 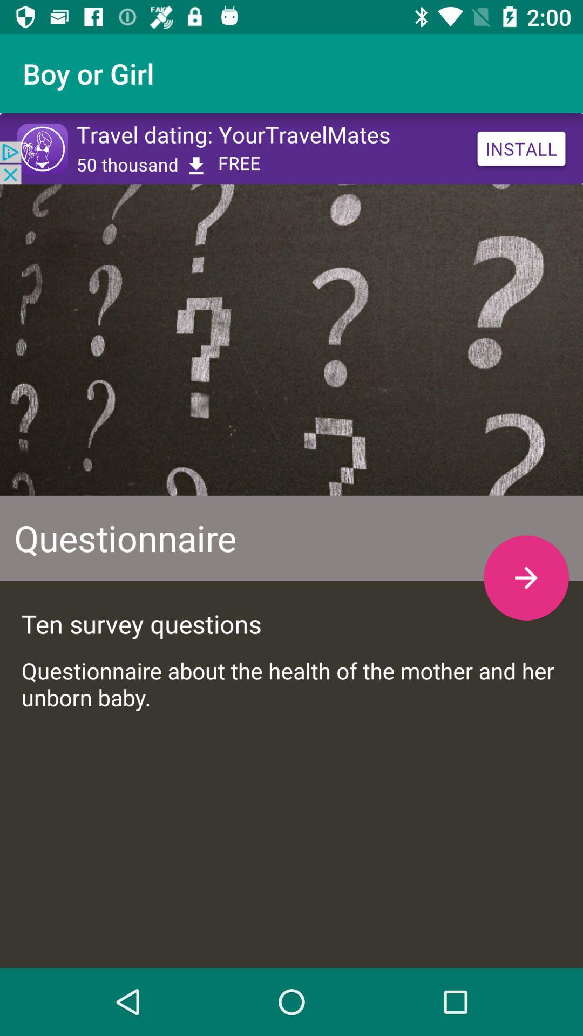 What do you see at coordinates (526, 577) in the screenshot?
I see `go forward` at bounding box center [526, 577].